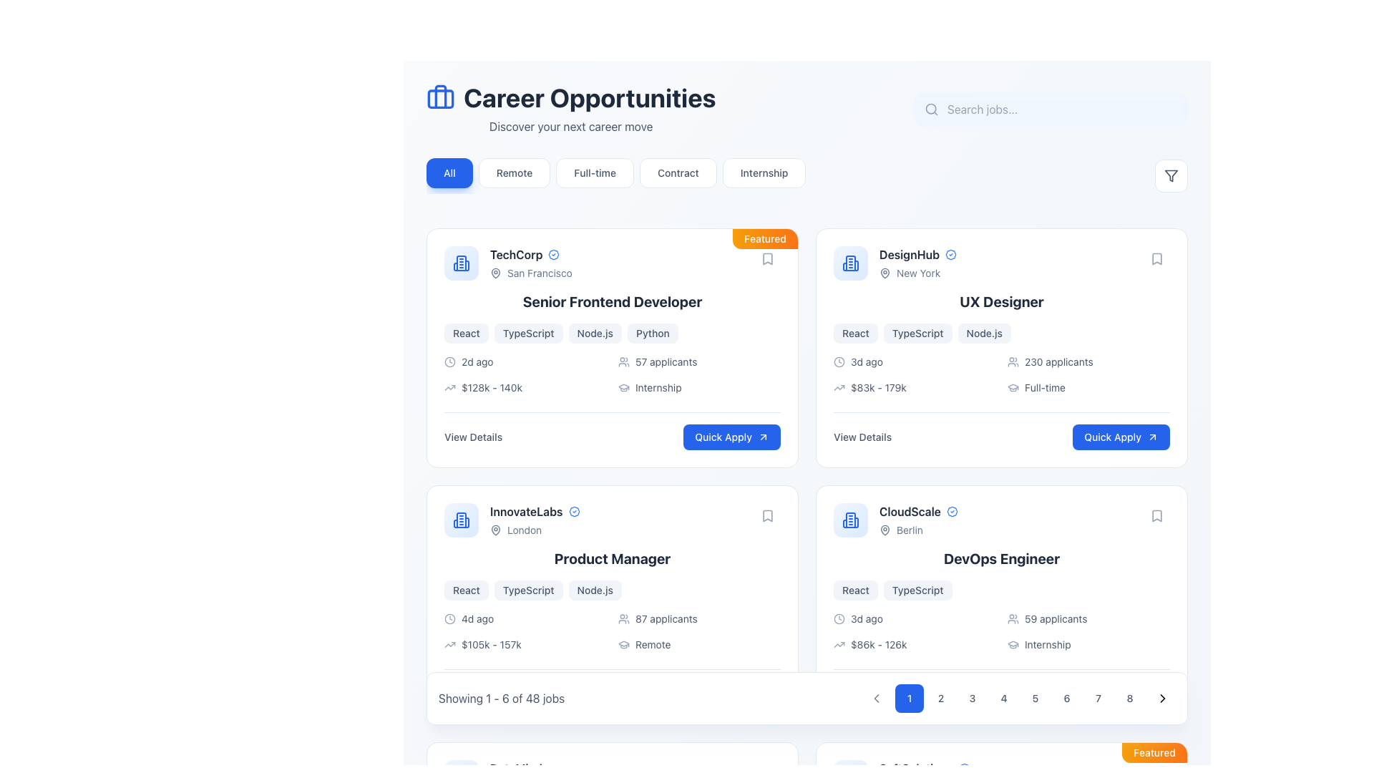 This screenshot has height=773, width=1374. What do you see at coordinates (767, 259) in the screenshot?
I see `the bookmark icon located in the top-right corner of the first job card above the 'Featured' label to interact with it` at bounding box center [767, 259].